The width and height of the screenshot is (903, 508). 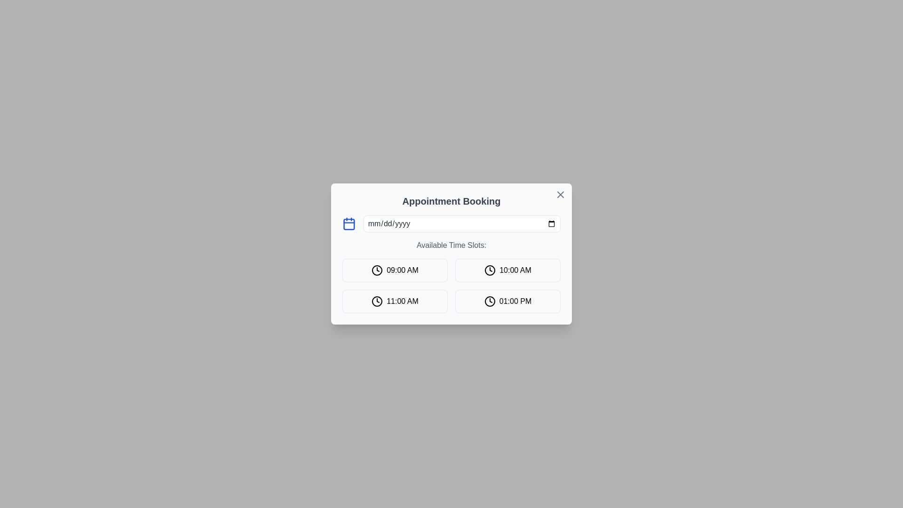 What do you see at coordinates (560, 194) in the screenshot?
I see `the close button represented by a small square with an 'X' icon in the upper-right corner of the modal popup` at bounding box center [560, 194].